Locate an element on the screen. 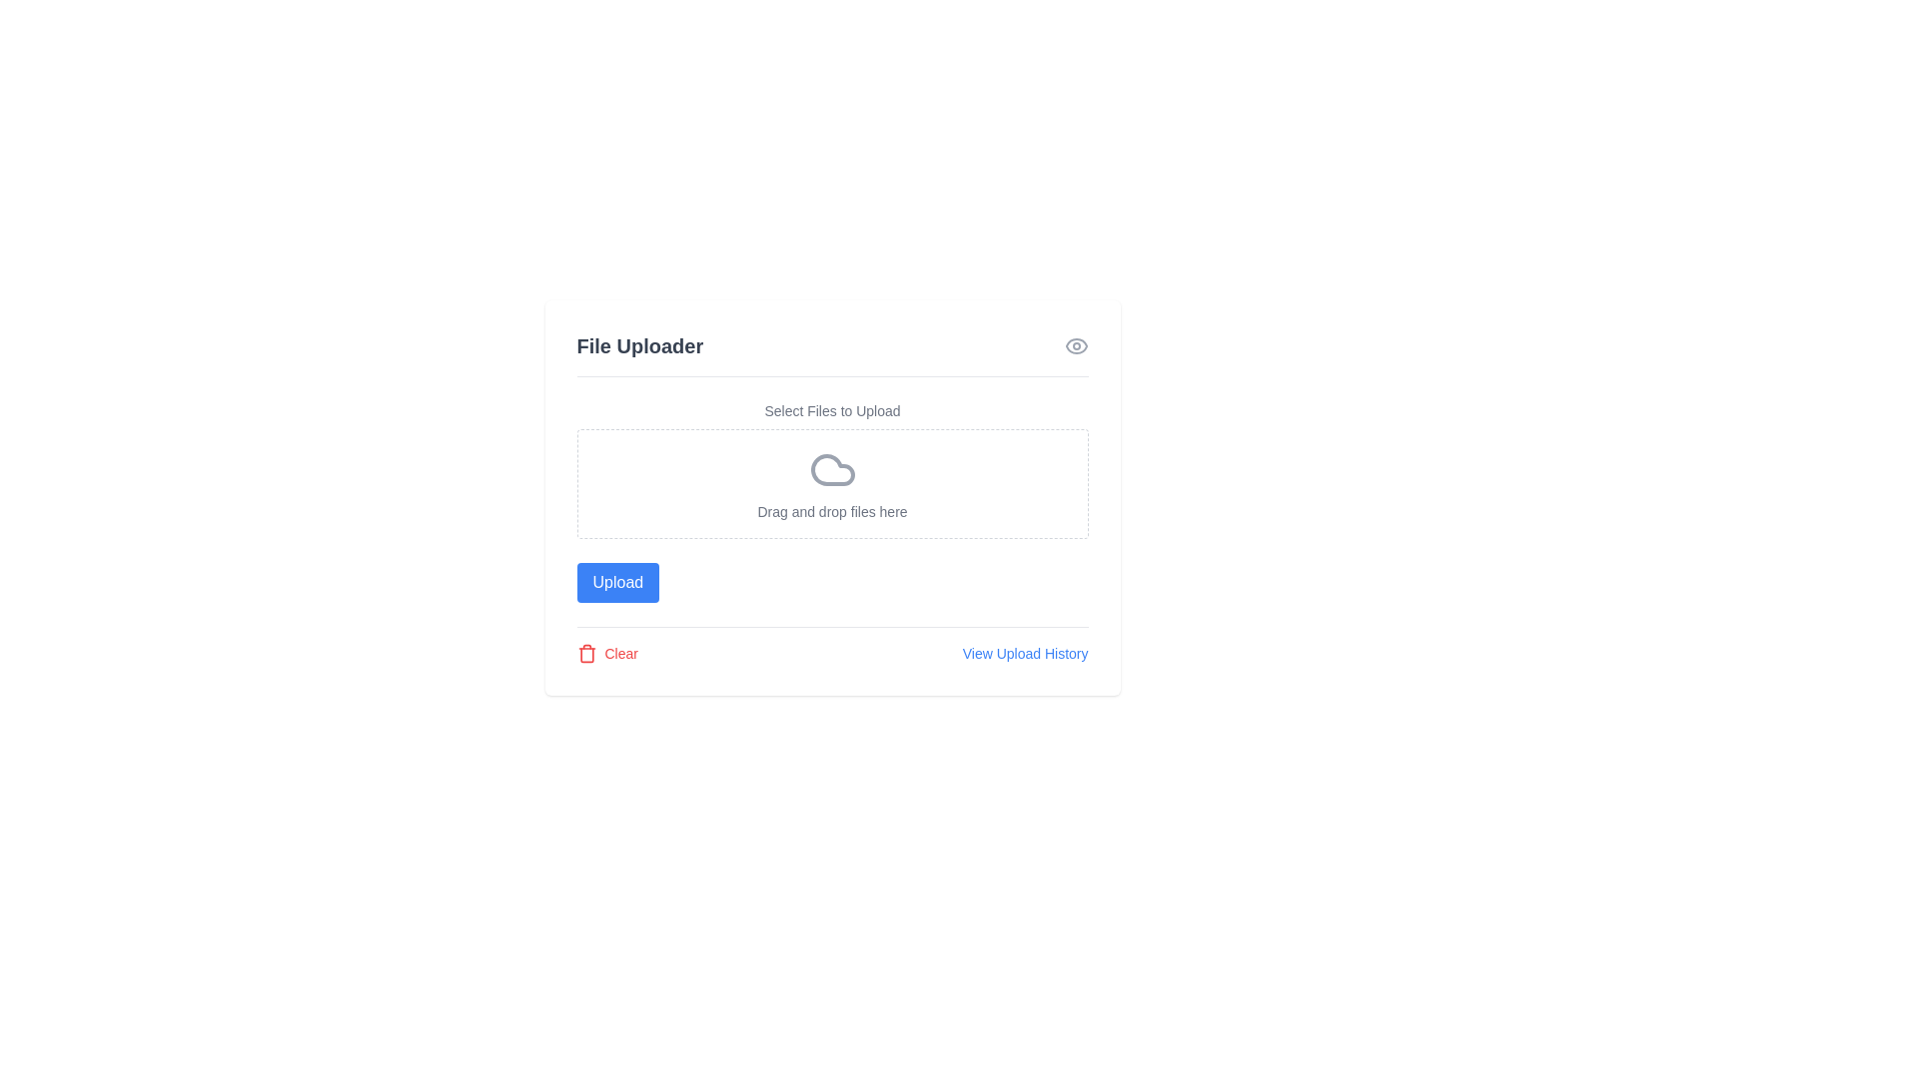  the 'Clear' button located towards the bottom left corner of the upload functionalities box is located at coordinates (606, 654).